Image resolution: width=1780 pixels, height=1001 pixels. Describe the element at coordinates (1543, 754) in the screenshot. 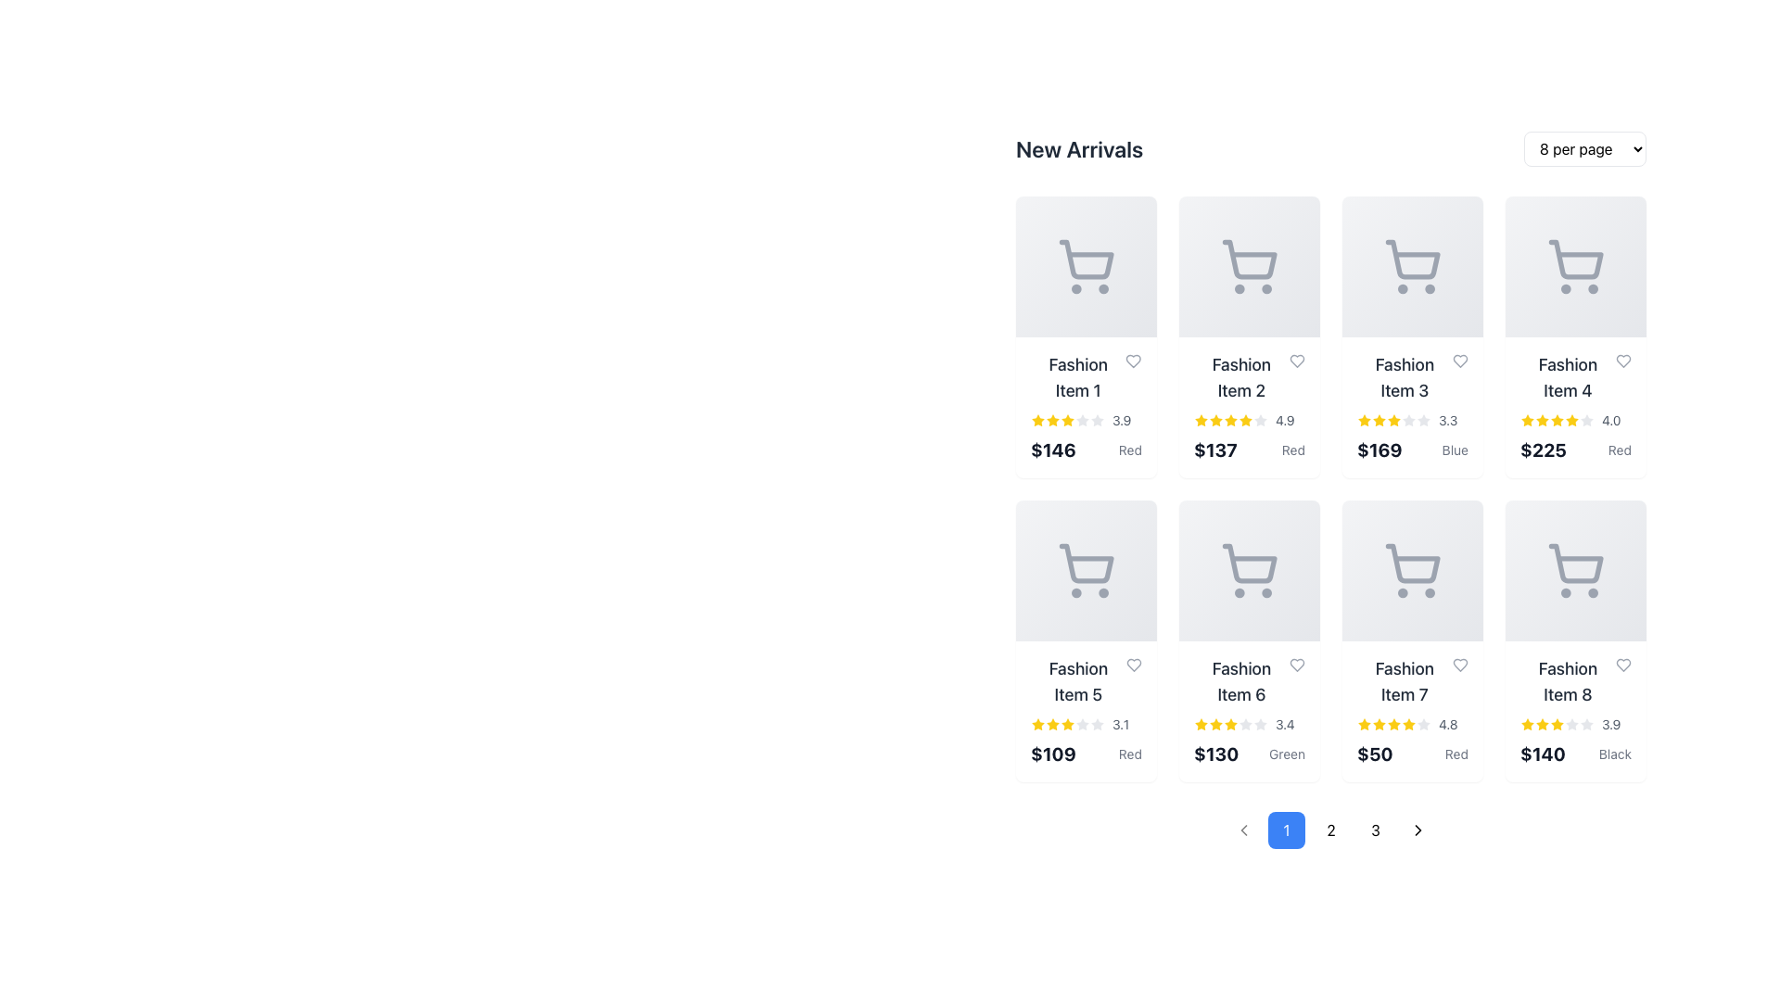

I see `the bold text label displaying the price "$140" located below the product title and star rating of "Fashion Item 8" to see detailed pricing or offers` at that location.